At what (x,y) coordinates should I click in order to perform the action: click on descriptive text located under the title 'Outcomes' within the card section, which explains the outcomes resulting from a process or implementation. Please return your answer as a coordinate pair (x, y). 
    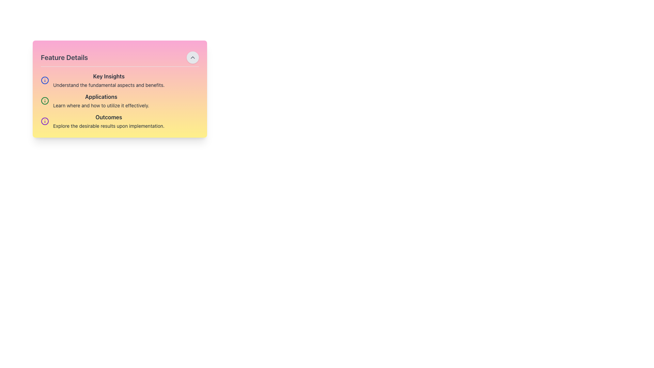
    Looking at the image, I should click on (108, 126).